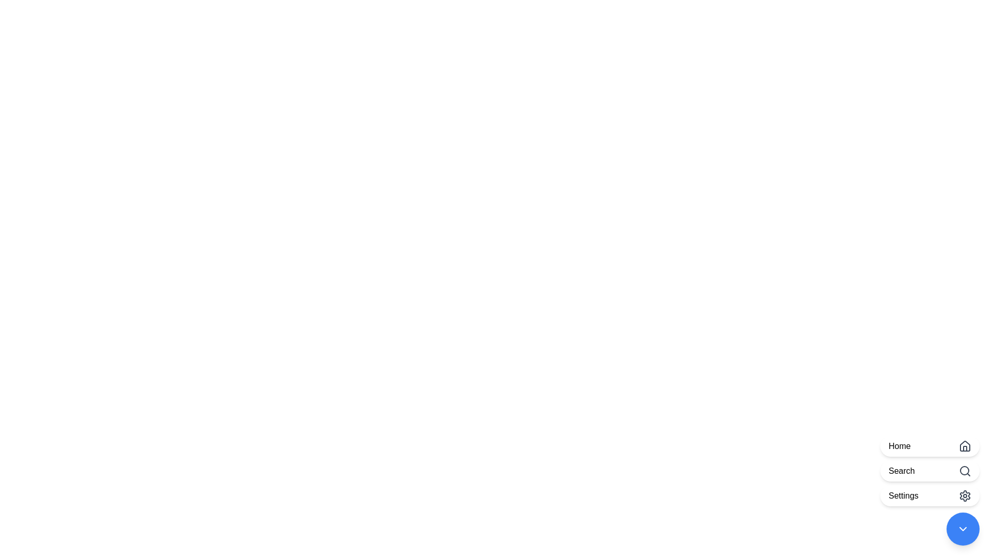 The height and width of the screenshot is (558, 992). What do you see at coordinates (903, 495) in the screenshot?
I see `the 'Settings' button, which is the text label displaying 'Settings' in black text on a white background, located in the vertical menu layout near the lower-right corner of the interface` at bounding box center [903, 495].